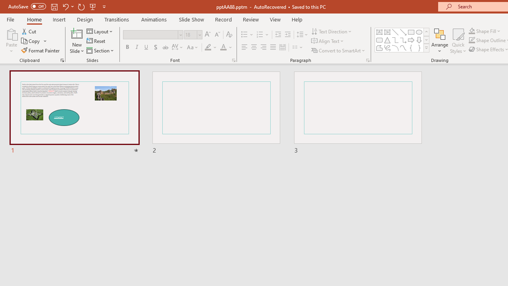  I want to click on 'Increase Font Size', so click(207, 34).